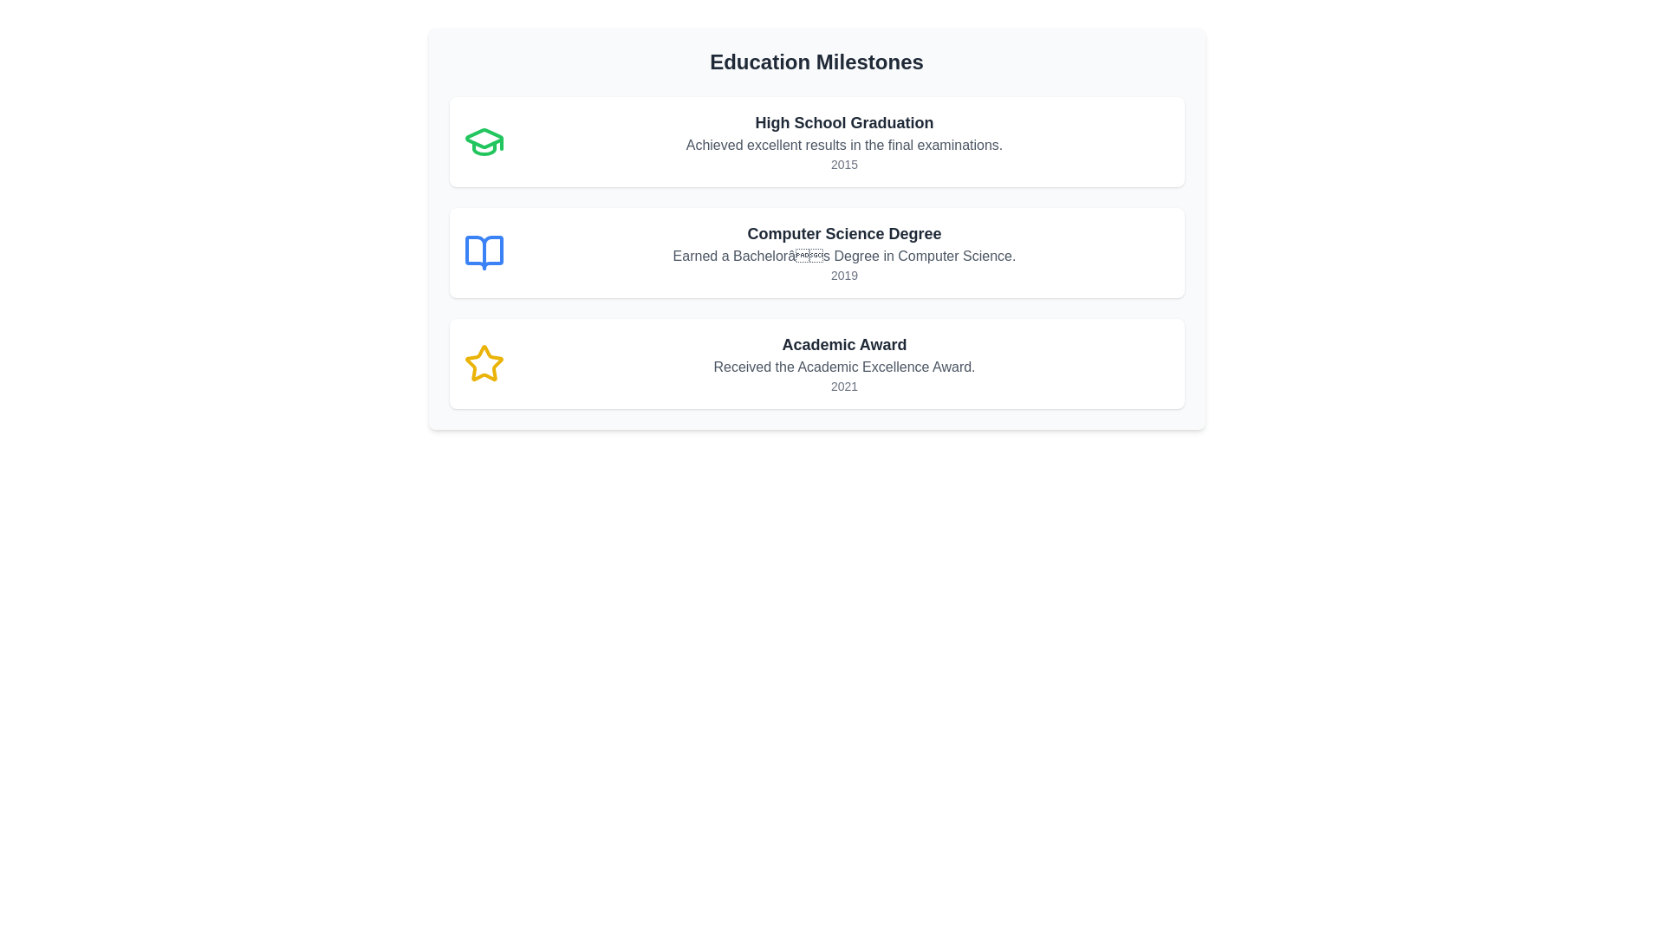 The image size is (1664, 936). Describe the element at coordinates (844, 145) in the screenshot. I see `the text label that reads 'Achieved excellent results in the final examinations.' which is positioned beneath the title 'High School Graduation' and above the year '2015'` at that location.